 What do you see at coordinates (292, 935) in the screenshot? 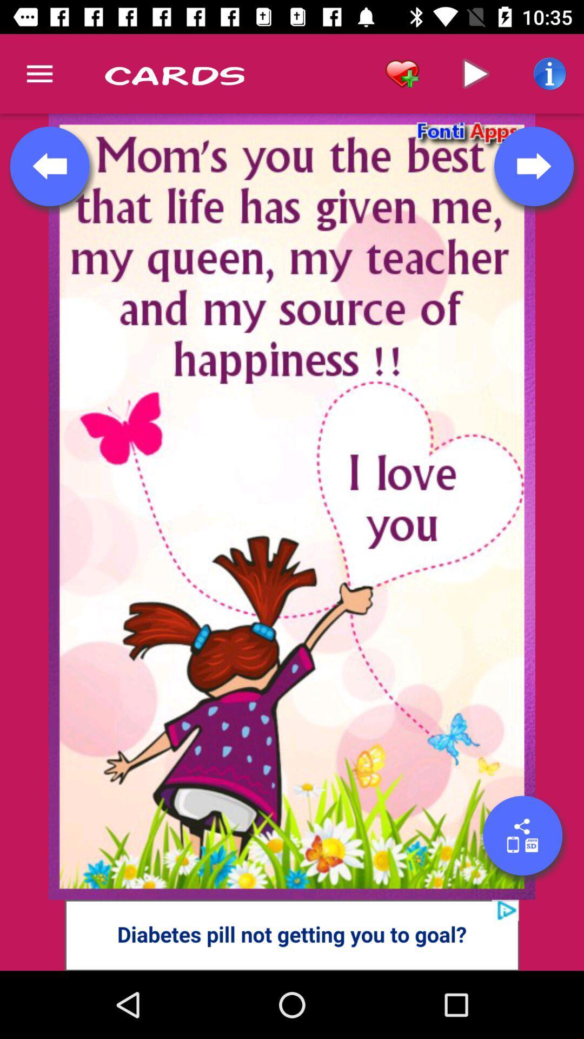
I see `open advertisement` at bounding box center [292, 935].